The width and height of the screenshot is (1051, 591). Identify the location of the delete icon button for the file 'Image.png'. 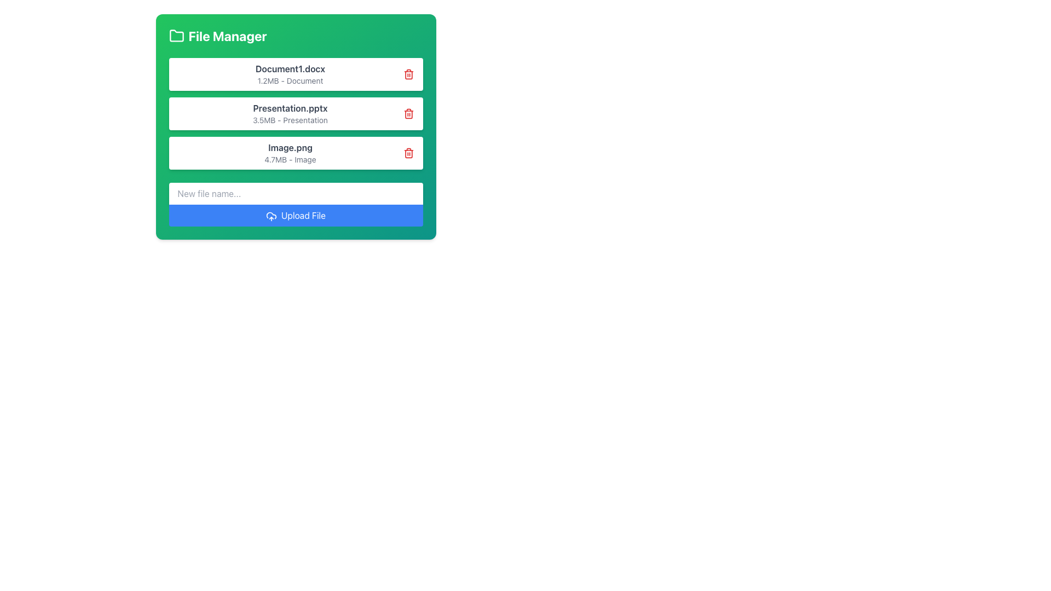
(408, 153).